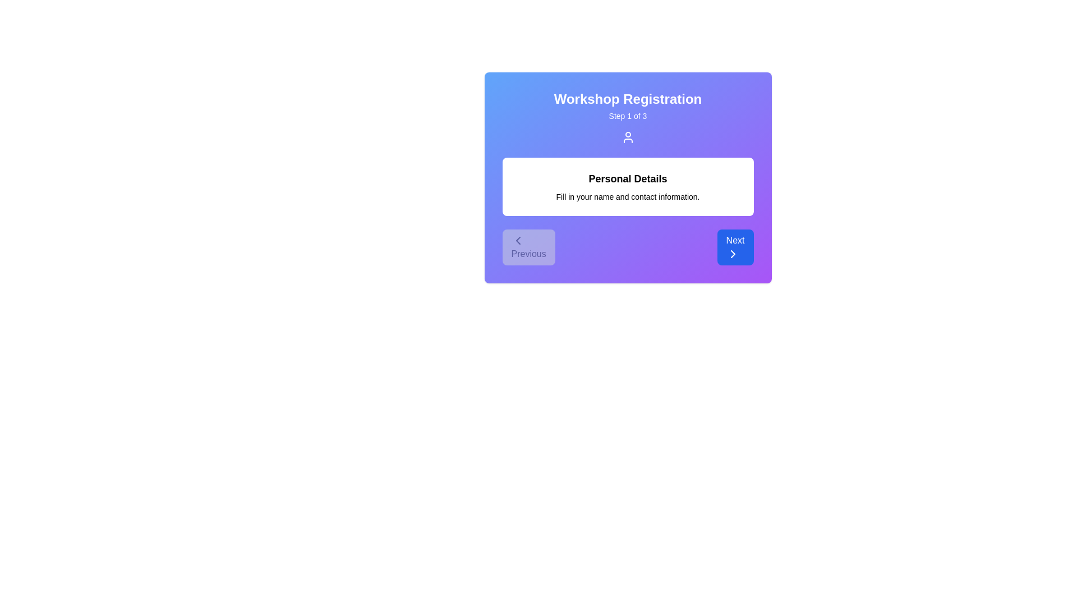 This screenshot has height=606, width=1077. I want to click on the appearance of the chevron icon centered within the 'Next' button located in the bottom right corner of the modal, so click(733, 254).